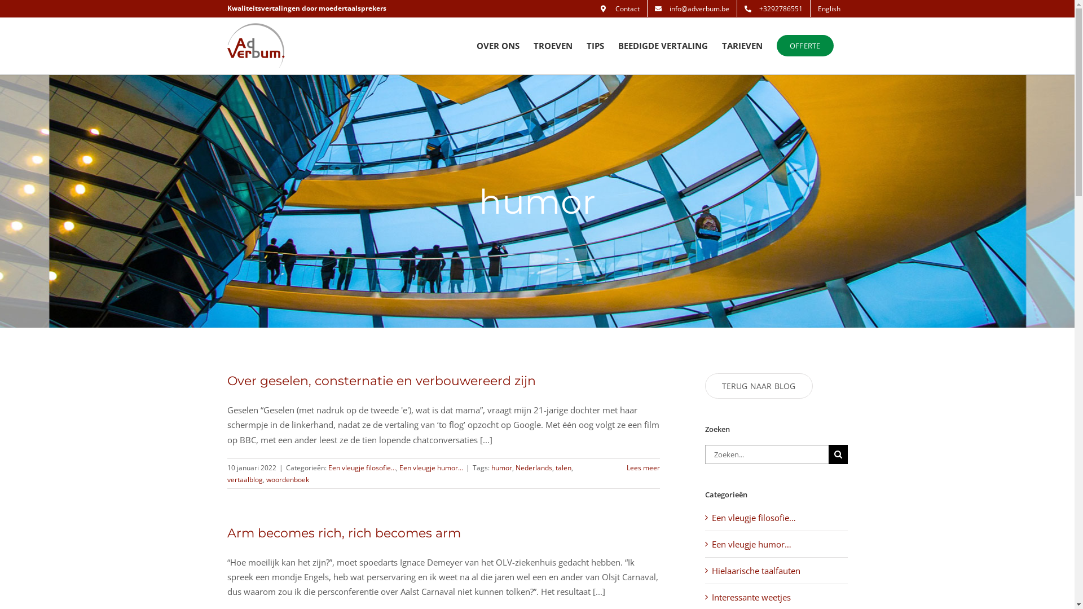 Image resolution: width=1083 pixels, height=609 pixels. Describe the element at coordinates (498, 45) in the screenshot. I see `'OVER ONS'` at that location.